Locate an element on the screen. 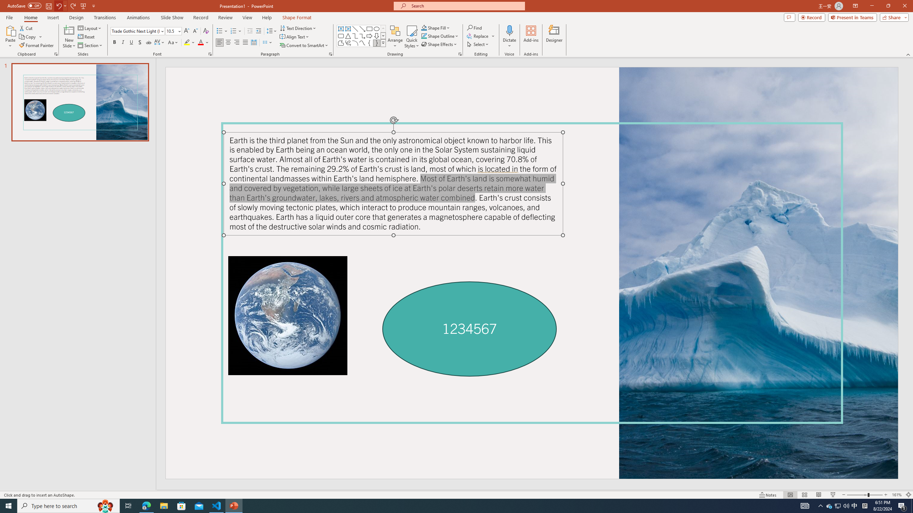  'Quick Styles' is located at coordinates (411, 37).